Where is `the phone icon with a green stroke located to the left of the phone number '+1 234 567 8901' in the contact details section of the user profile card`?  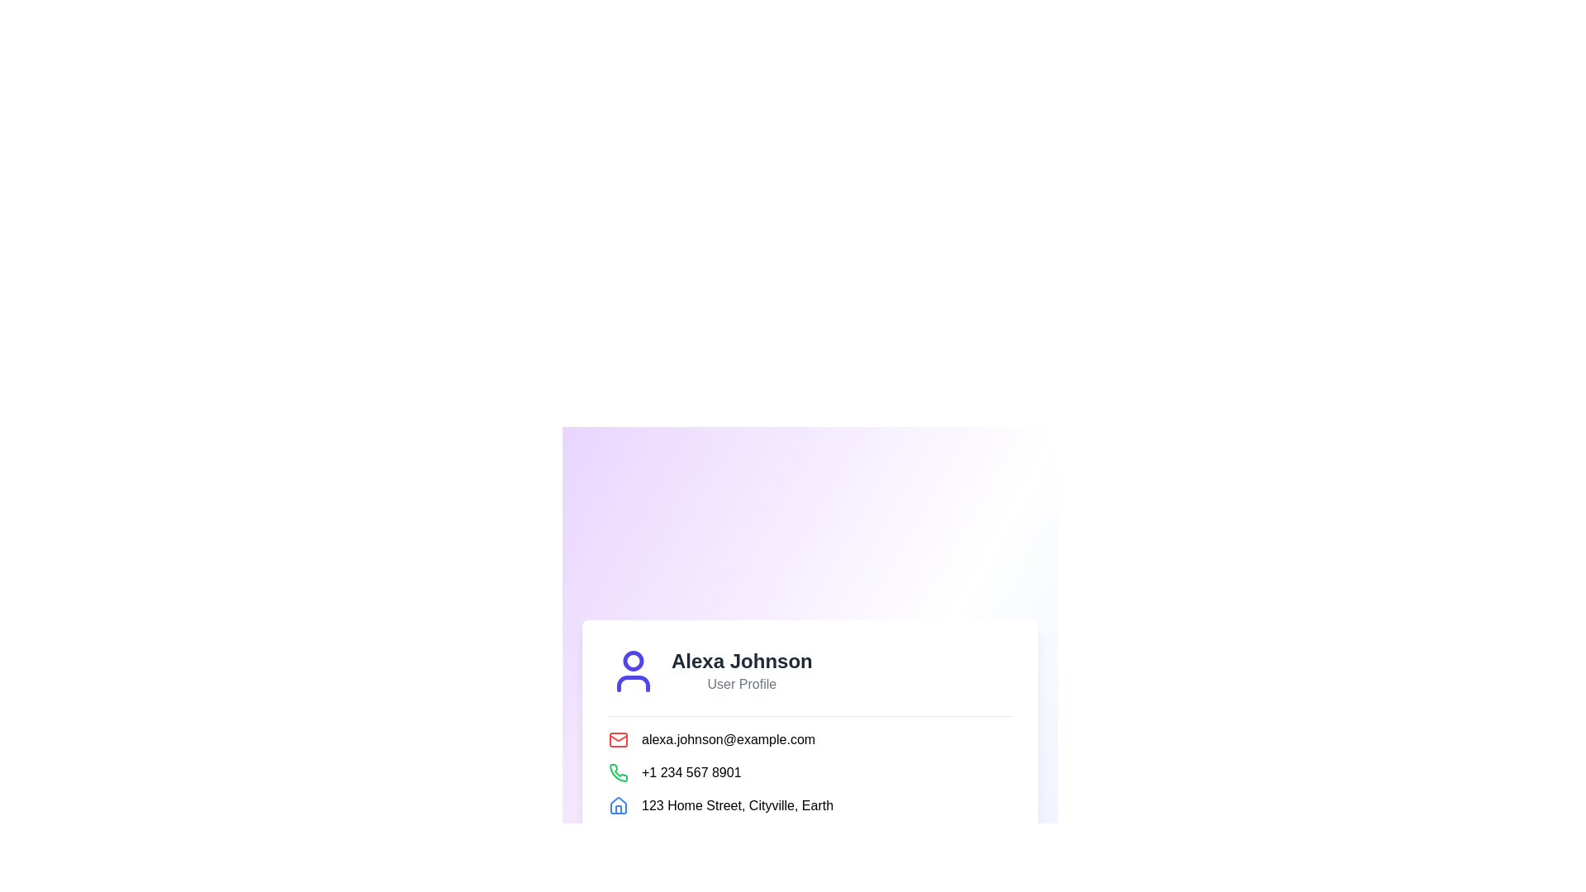
the phone icon with a green stroke located to the left of the phone number '+1 234 567 8901' in the contact details section of the user profile card is located at coordinates (617, 771).